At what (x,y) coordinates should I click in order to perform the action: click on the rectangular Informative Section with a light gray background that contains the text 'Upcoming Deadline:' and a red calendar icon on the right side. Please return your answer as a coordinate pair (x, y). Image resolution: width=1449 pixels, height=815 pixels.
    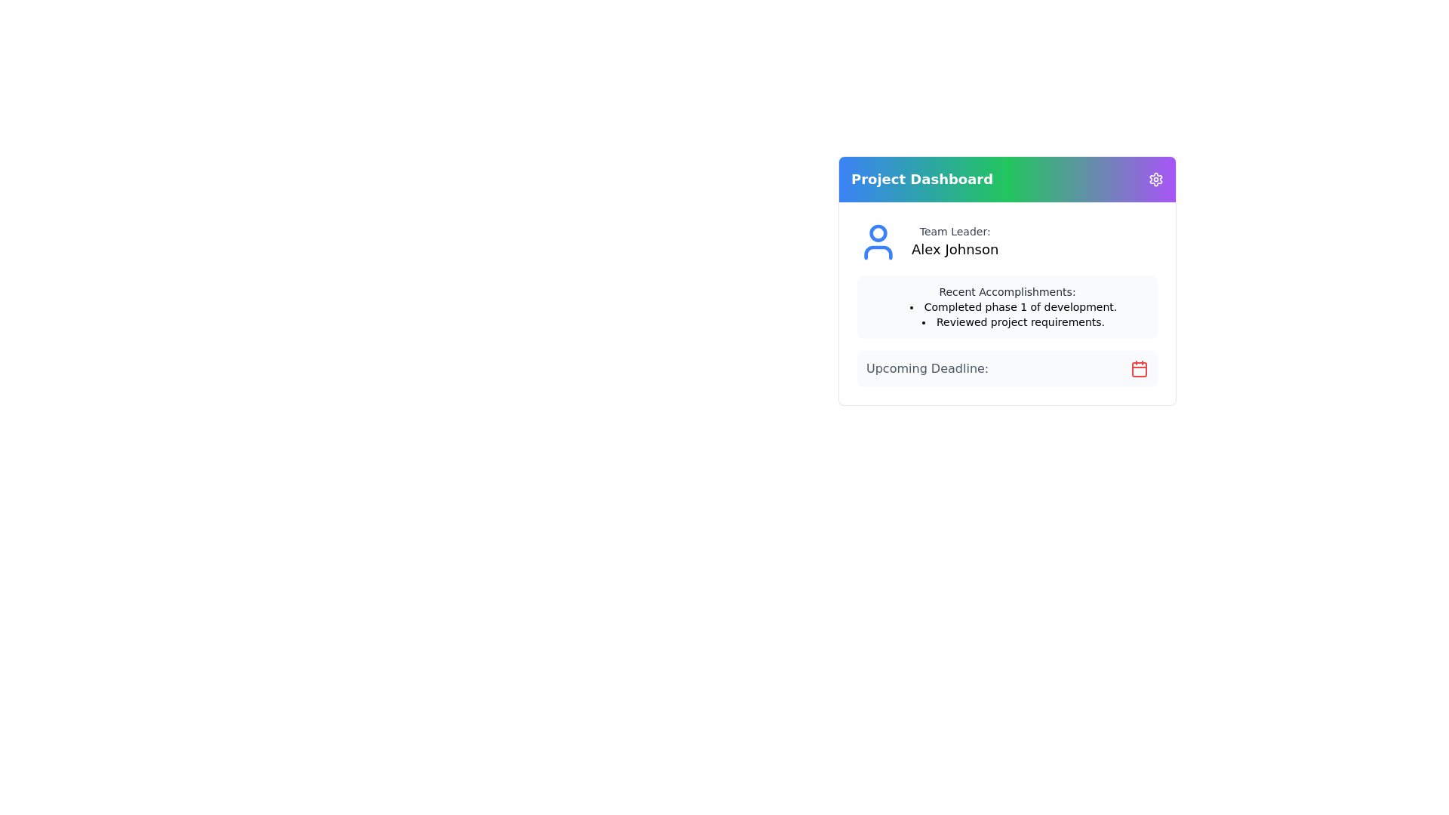
    Looking at the image, I should click on (1007, 369).